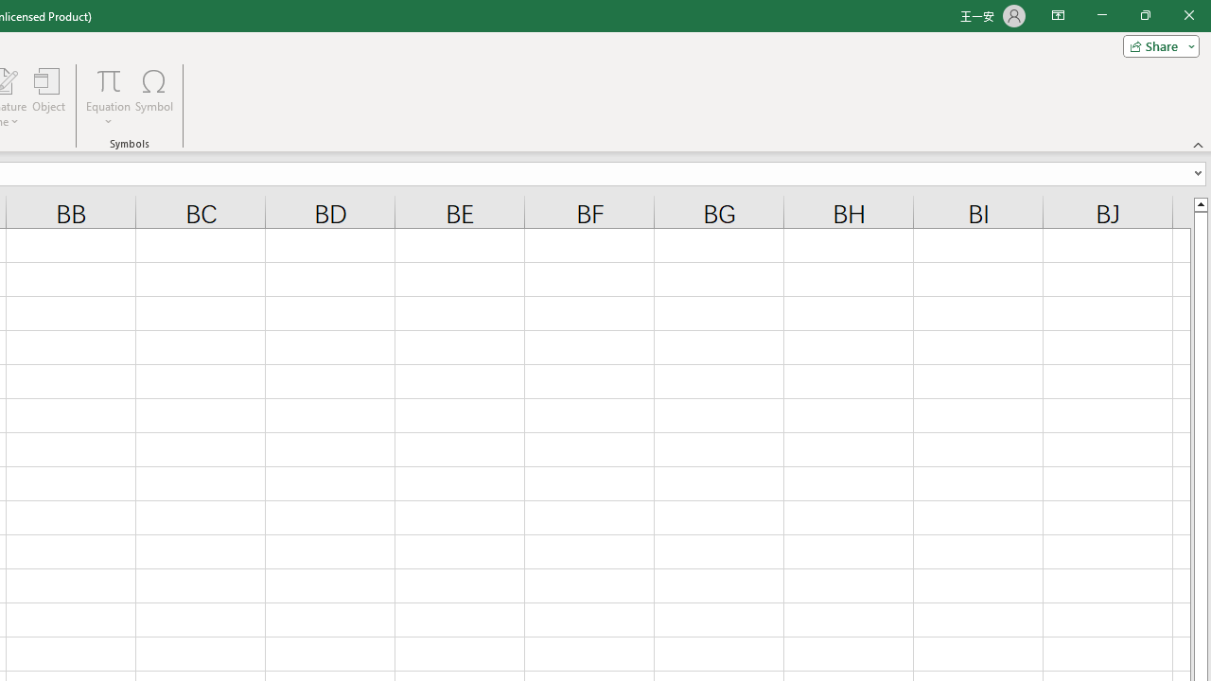  I want to click on 'Minimize', so click(1101, 15).